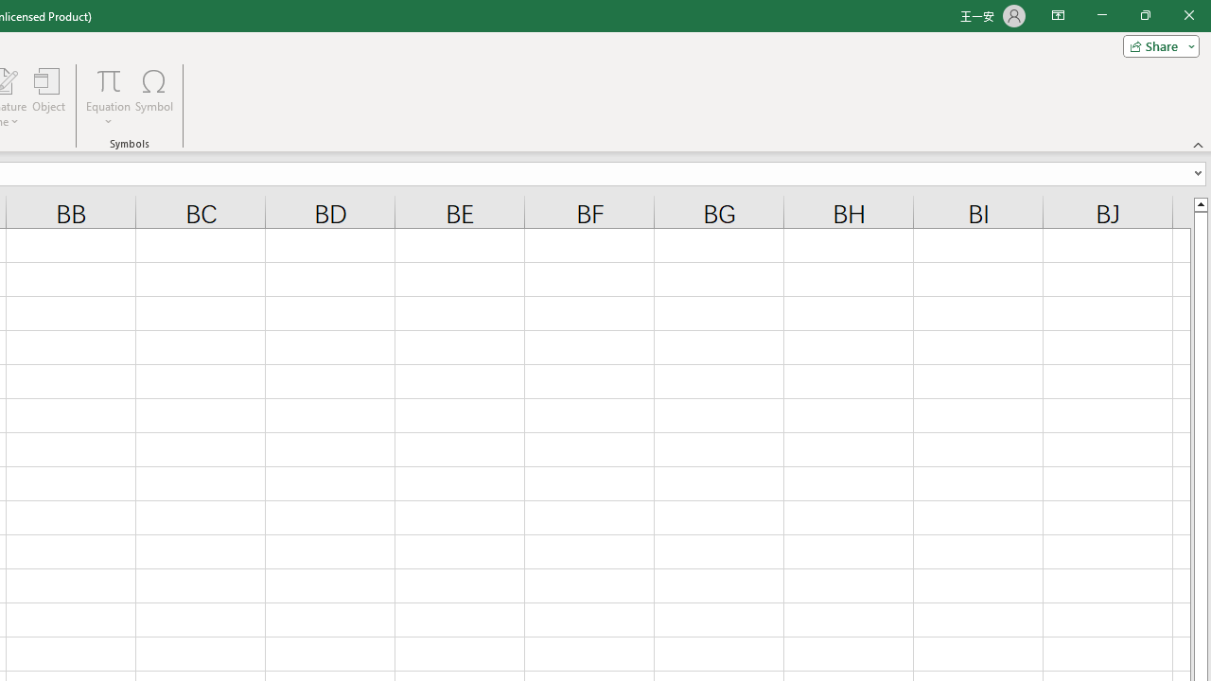  I want to click on 'Minimize', so click(1101, 15).